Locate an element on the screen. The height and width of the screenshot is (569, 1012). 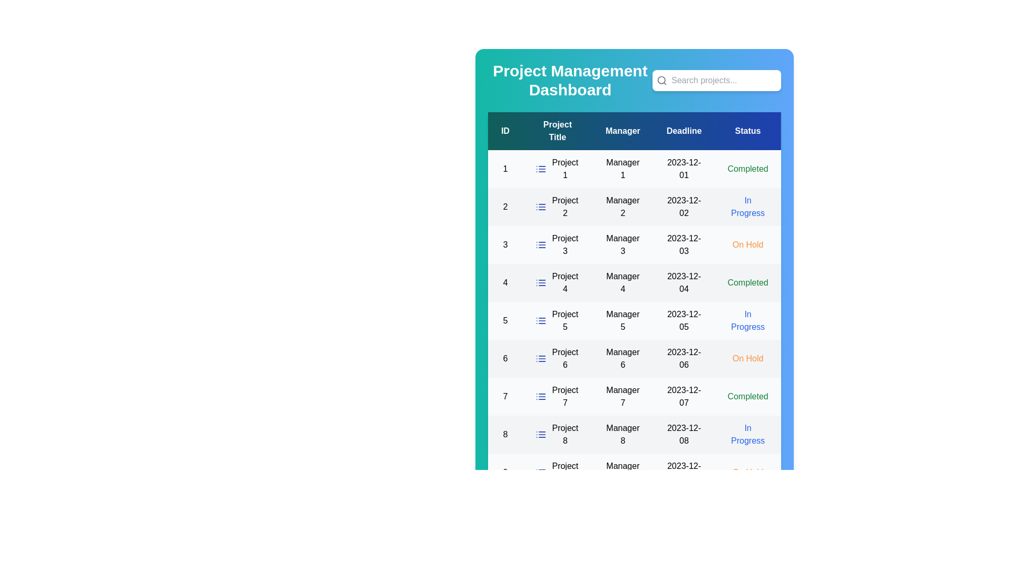
the column header Project Title to sort the table by that column is located at coordinates (557, 131).